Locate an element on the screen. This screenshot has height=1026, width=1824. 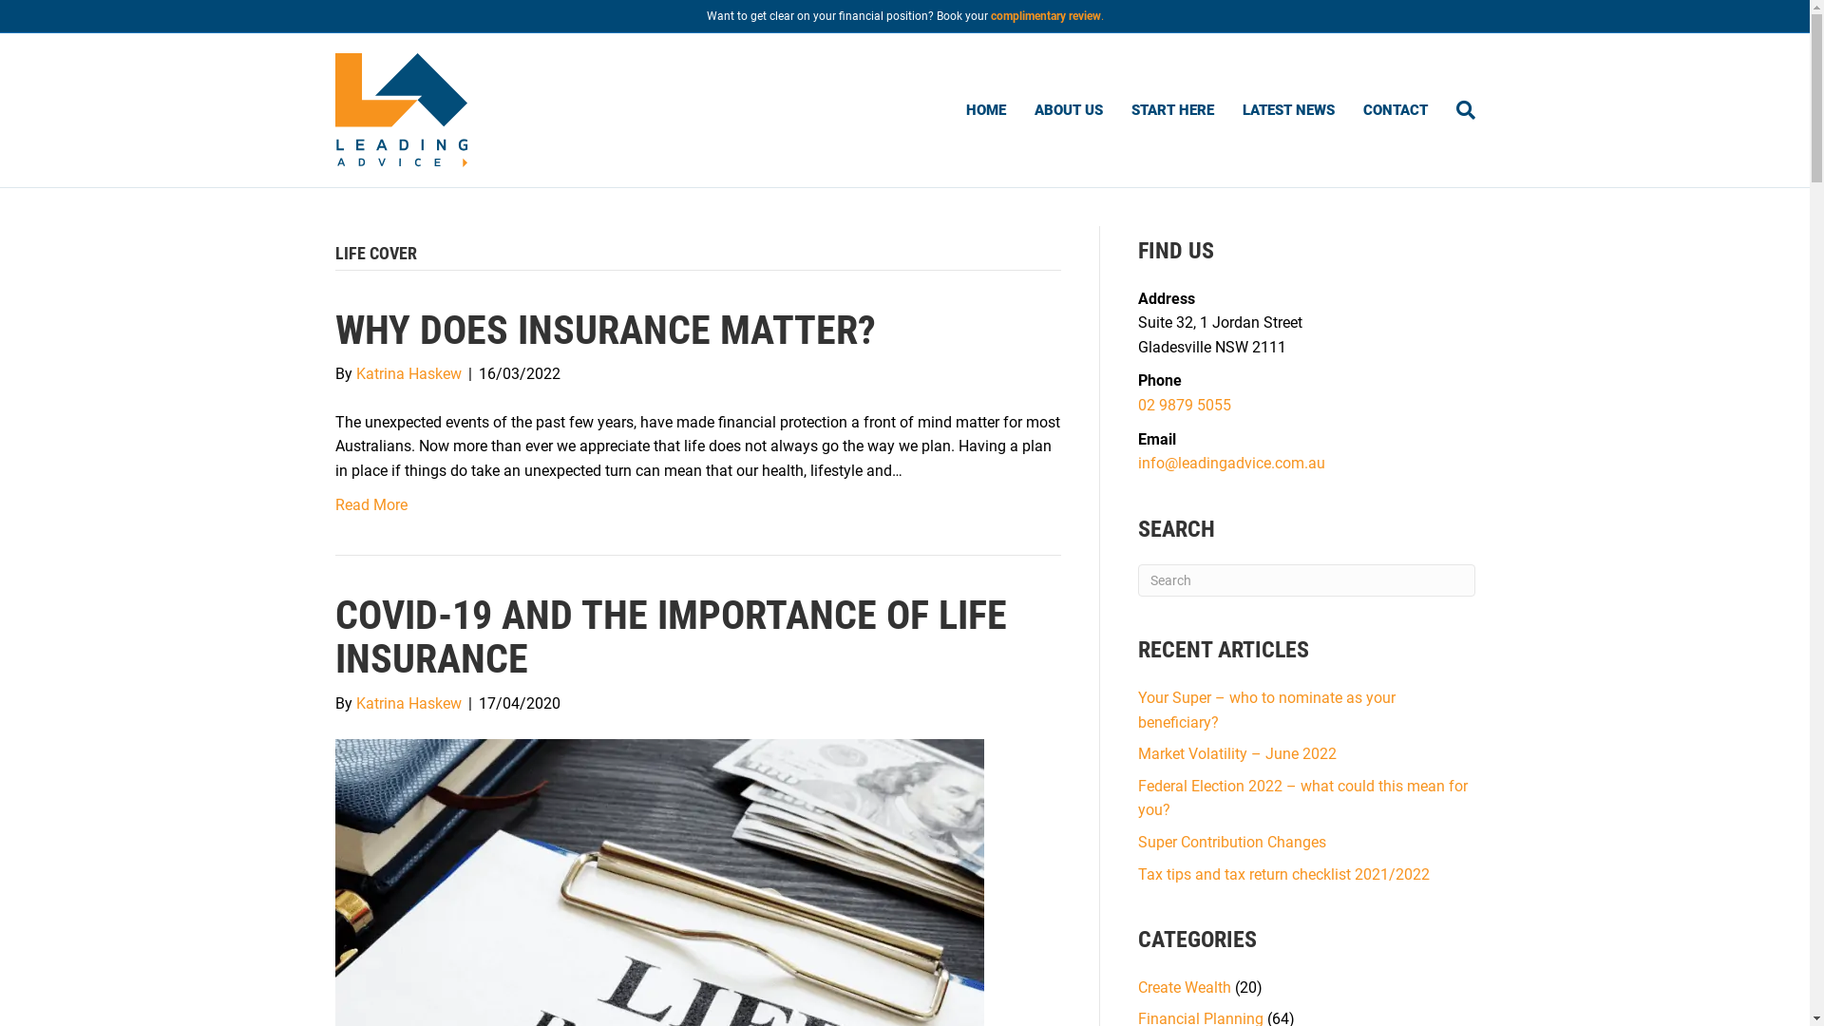
'Create Wealth' is located at coordinates (1184, 986).